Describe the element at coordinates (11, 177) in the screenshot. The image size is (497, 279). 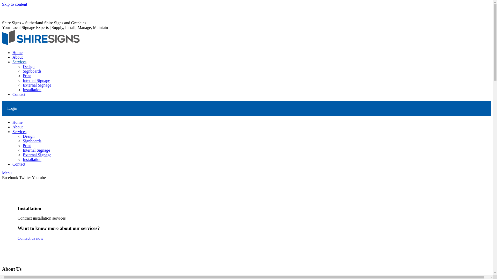
I see `'Facebook'` at that location.